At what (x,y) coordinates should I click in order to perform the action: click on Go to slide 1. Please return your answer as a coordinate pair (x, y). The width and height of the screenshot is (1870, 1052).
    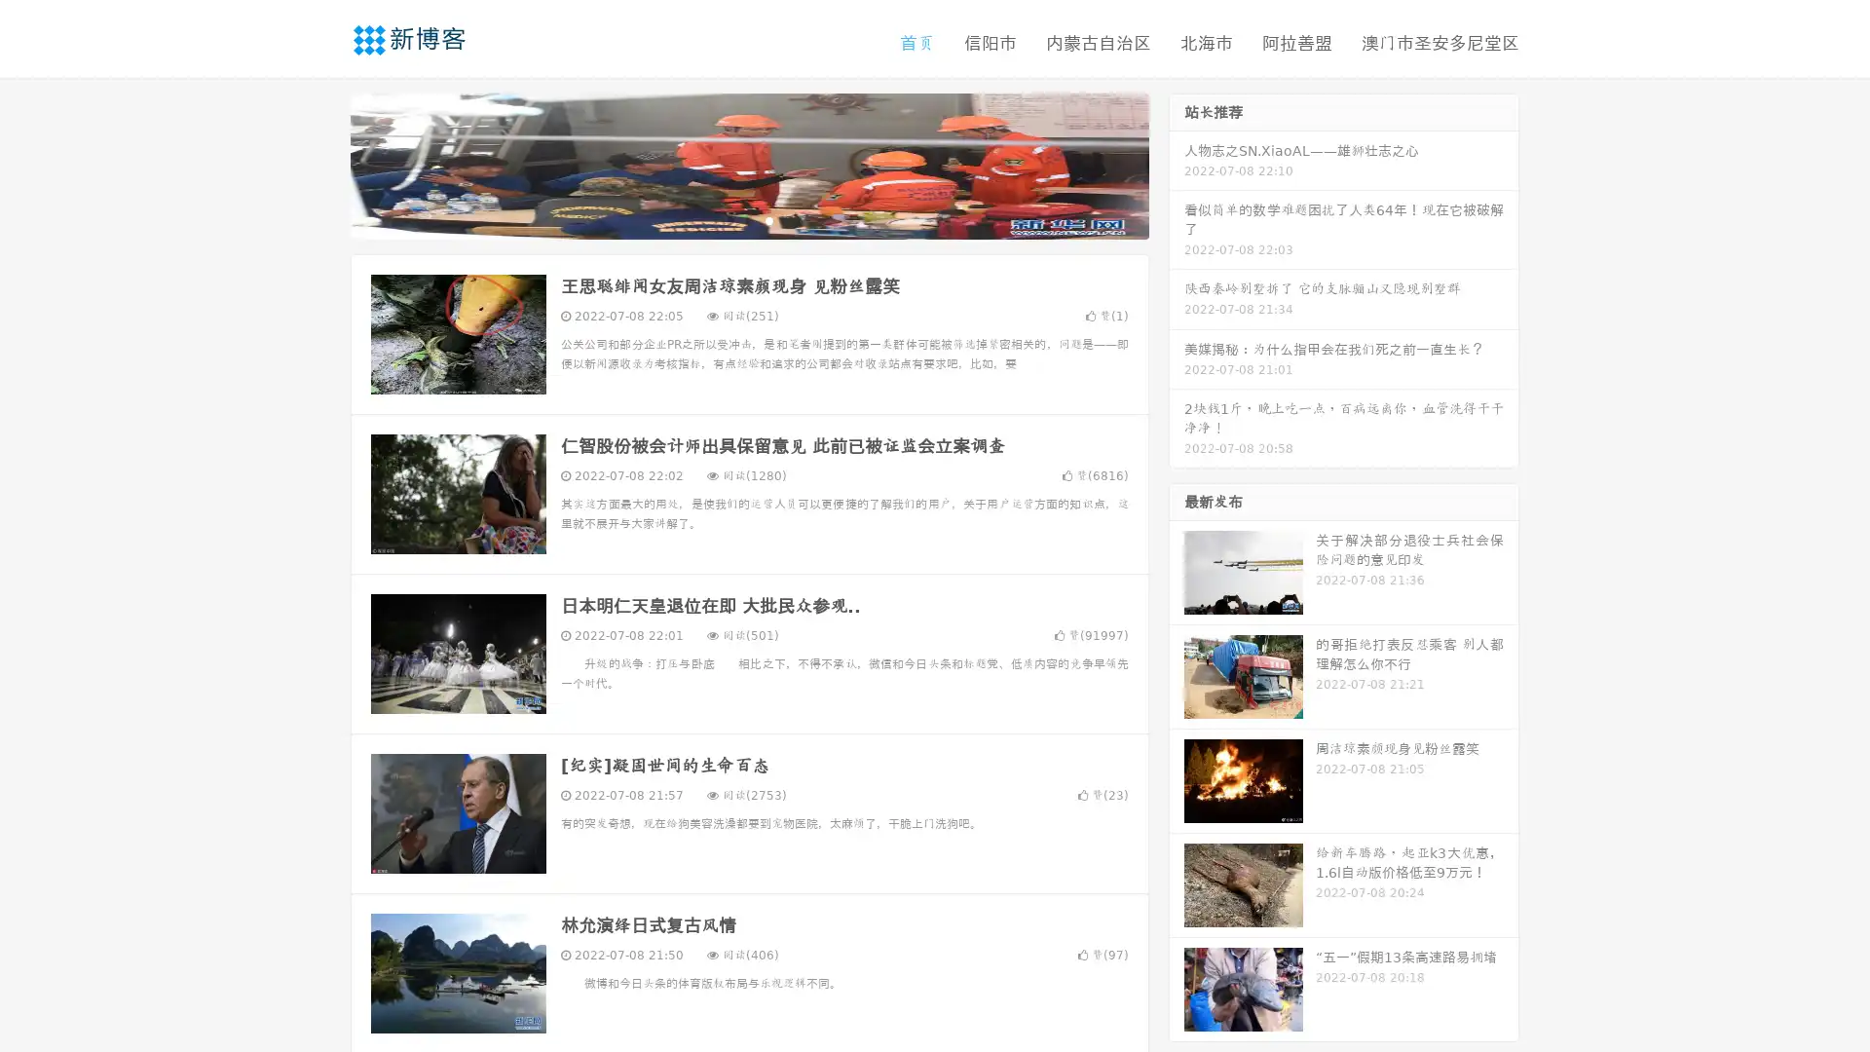
    Looking at the image, I should click on (729, 219).